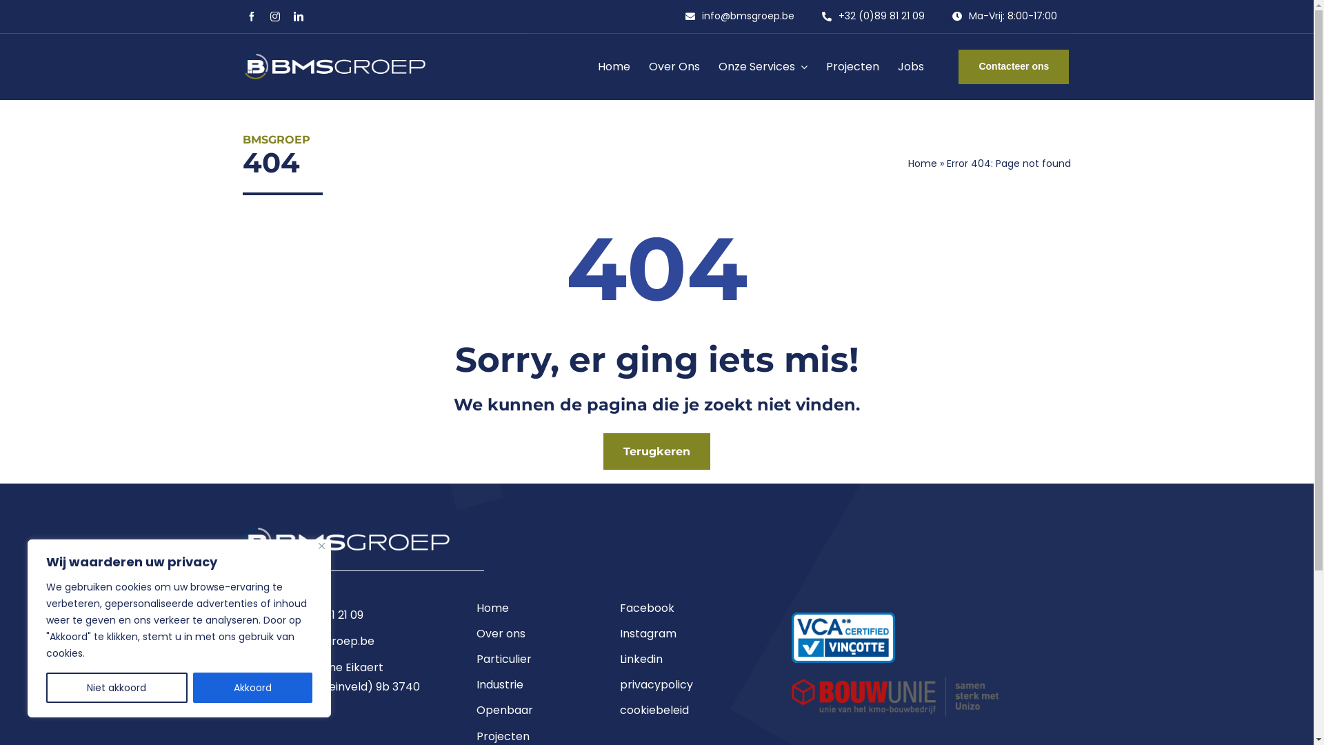  Describe the element at coordinates (739, 16) in the screenshot. I see `'info@bmsgroep.be'` at that location.